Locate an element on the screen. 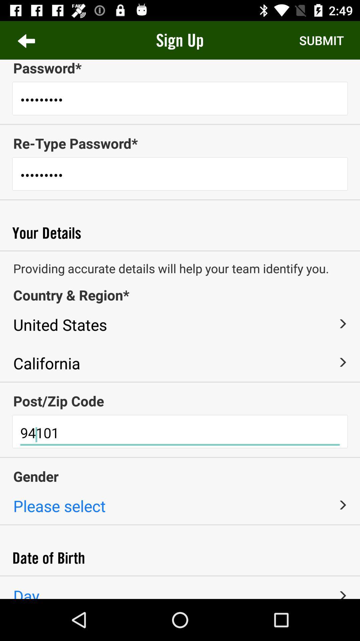 This screenshot has width=360, height=641. the item above re-type password* item is located at coordinates (180, 124).